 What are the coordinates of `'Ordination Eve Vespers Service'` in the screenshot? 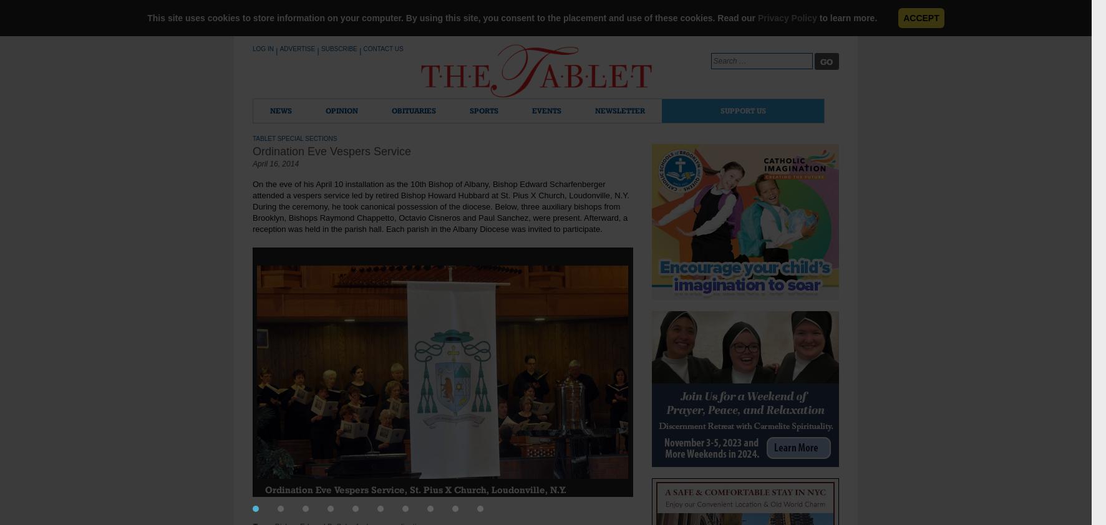 It's located at (332, 152).